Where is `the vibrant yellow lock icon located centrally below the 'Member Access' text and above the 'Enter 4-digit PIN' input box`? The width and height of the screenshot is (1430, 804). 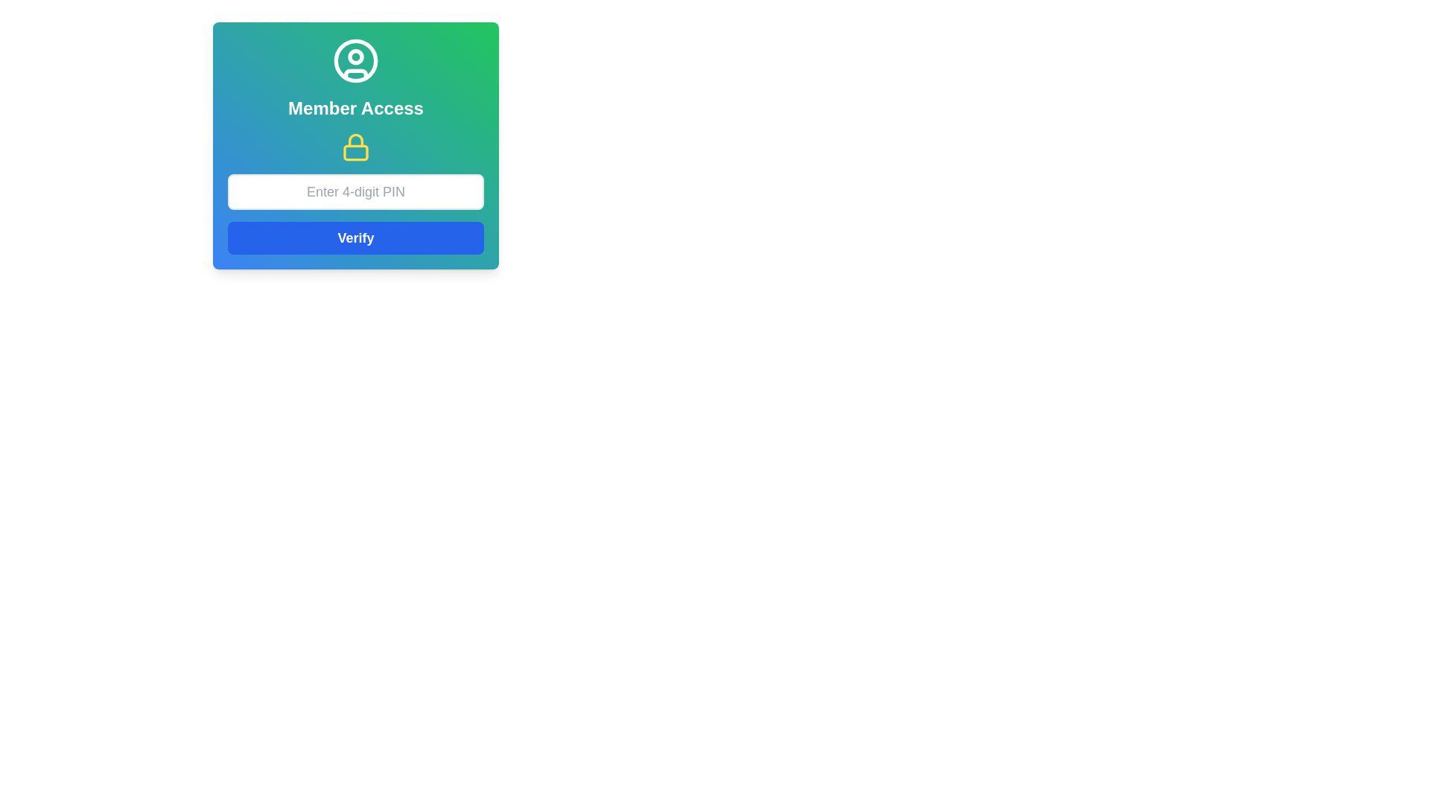 the vibrant yellow lock icon located centrally below the 'Member Access' text and above the 'Enter 4-digit PIN' input box is located at coordinates (355, 147).